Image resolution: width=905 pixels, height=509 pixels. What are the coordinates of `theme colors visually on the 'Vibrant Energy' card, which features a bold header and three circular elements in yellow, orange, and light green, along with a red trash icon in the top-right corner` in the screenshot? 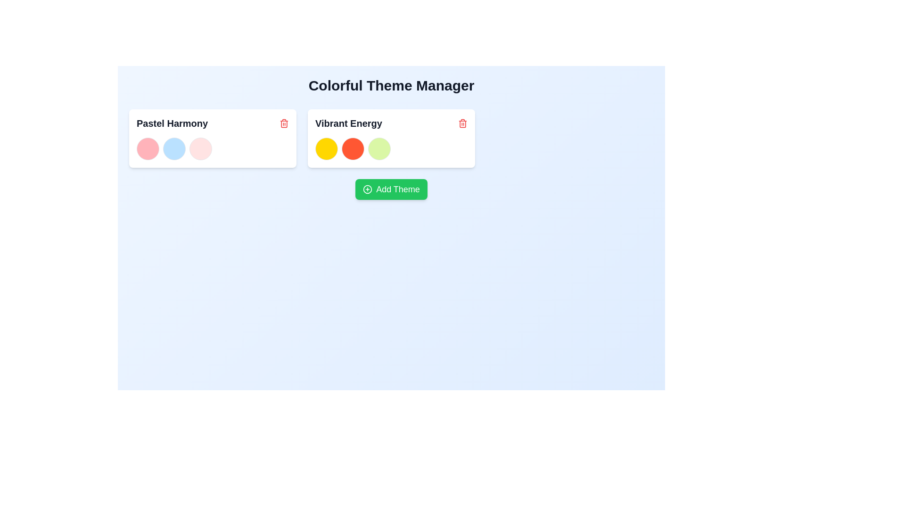 It's located at (391, 138).